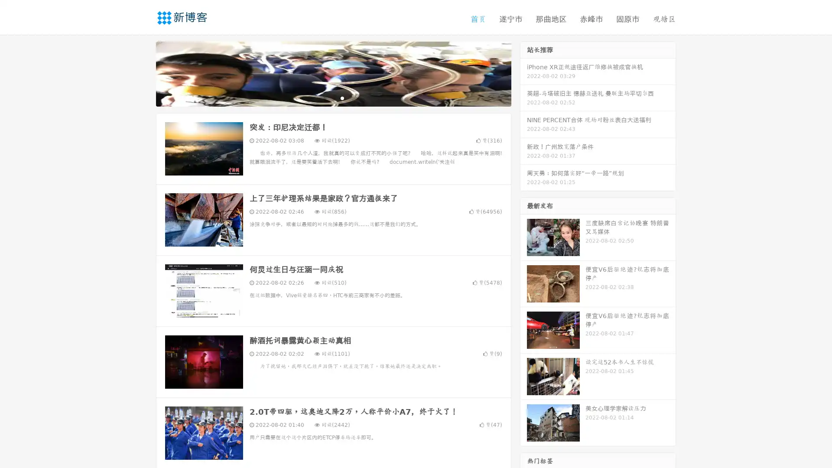 The height and width of the screenshot is (468, 832). Describe the element at coordinates (143, 73) in the screenshot. I see `Previous slide` at that location.